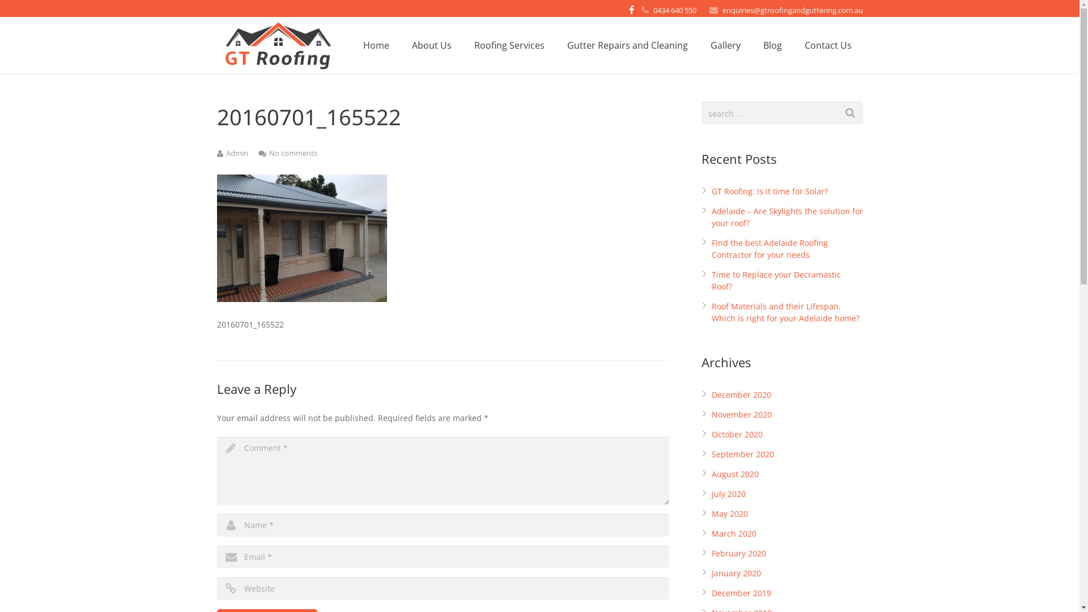  What do you see at coordinates (739, 552) in the screenshot?
I see `'February 2020'` at bounding box center [739, 552].